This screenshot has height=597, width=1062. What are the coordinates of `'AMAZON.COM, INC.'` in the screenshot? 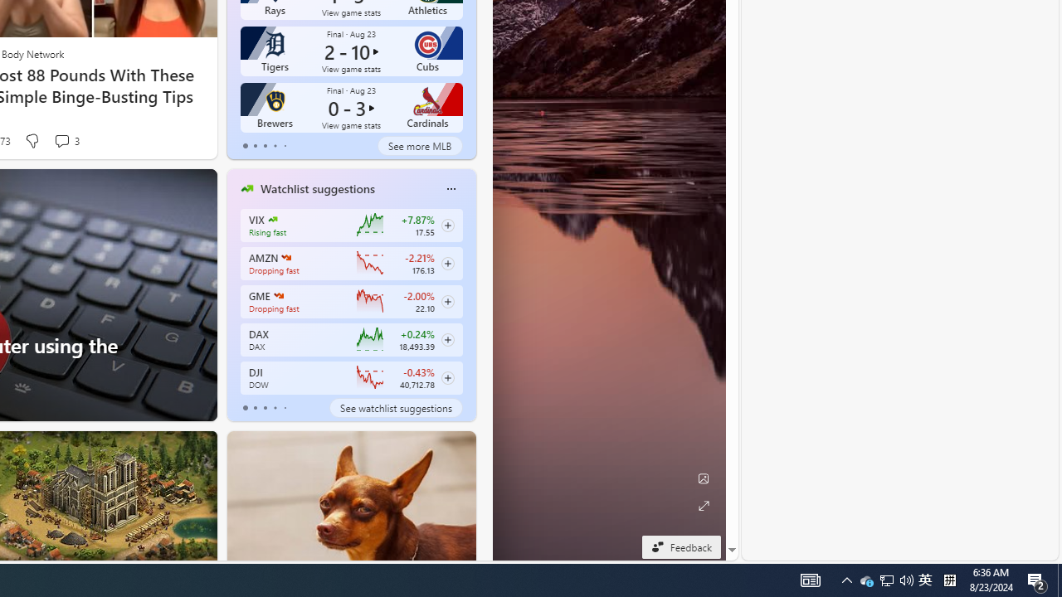 It's located at (285, 258).